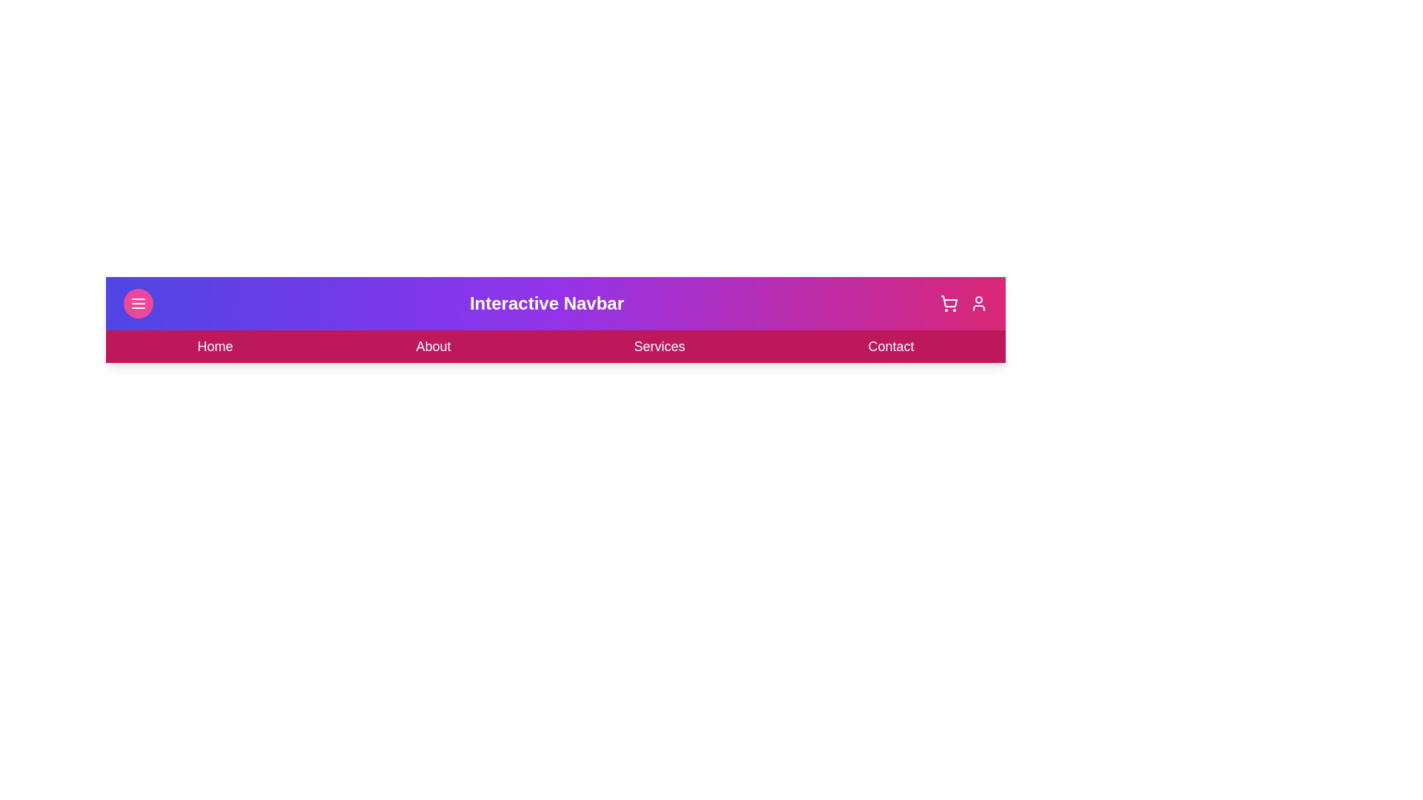  Describe the element at coordinates (949, 302) in the screenshot. I see `the shopping cart icon` at that location.